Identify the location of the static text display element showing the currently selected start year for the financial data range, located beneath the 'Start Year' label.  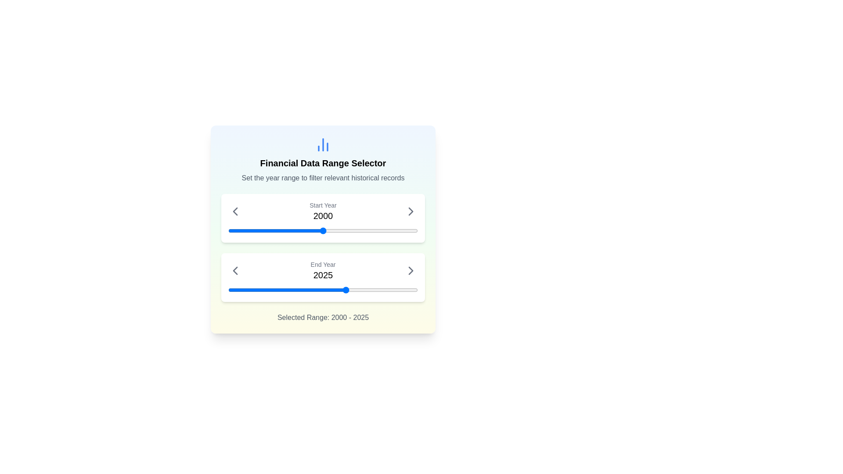
(322, 216).